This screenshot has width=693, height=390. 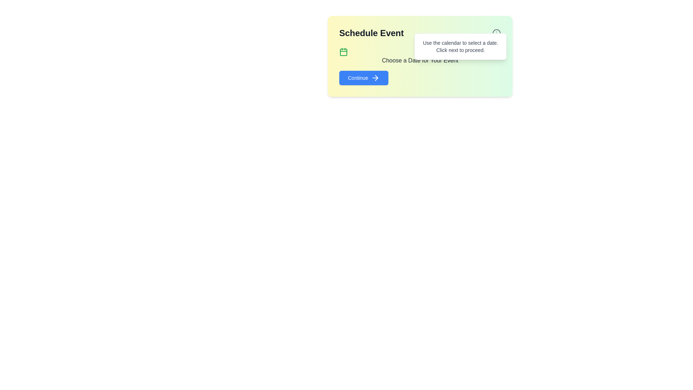 What do you see at coordinates (364, 78) in the screenshot?
I see `the prominent blue button labeled 'Continue'` at bounding box center [364, 78].